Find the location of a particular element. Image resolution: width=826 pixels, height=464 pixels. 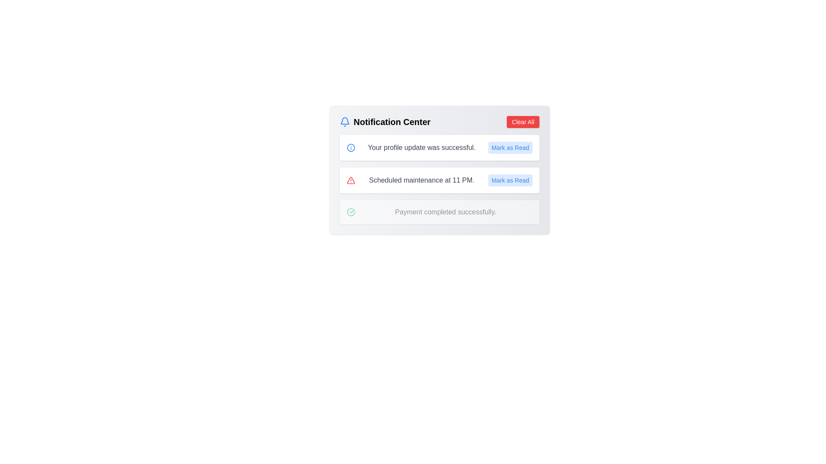

the second notification card in the notification panel to read the notification text about the scheduled maintenance event is located at coordinates (440, 180).